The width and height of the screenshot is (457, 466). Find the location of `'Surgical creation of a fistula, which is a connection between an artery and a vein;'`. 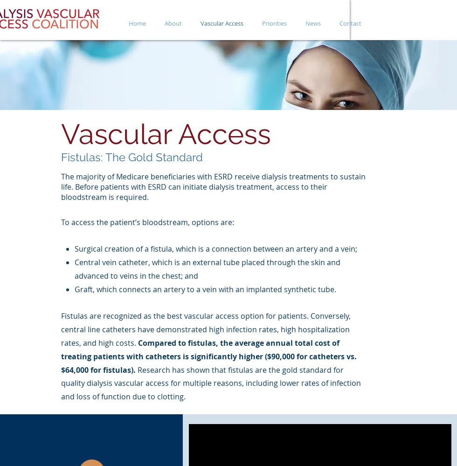

'Surgical creation of a fistula, which is a connection between an artery and a vein;' is located at coordinates (215, 249).